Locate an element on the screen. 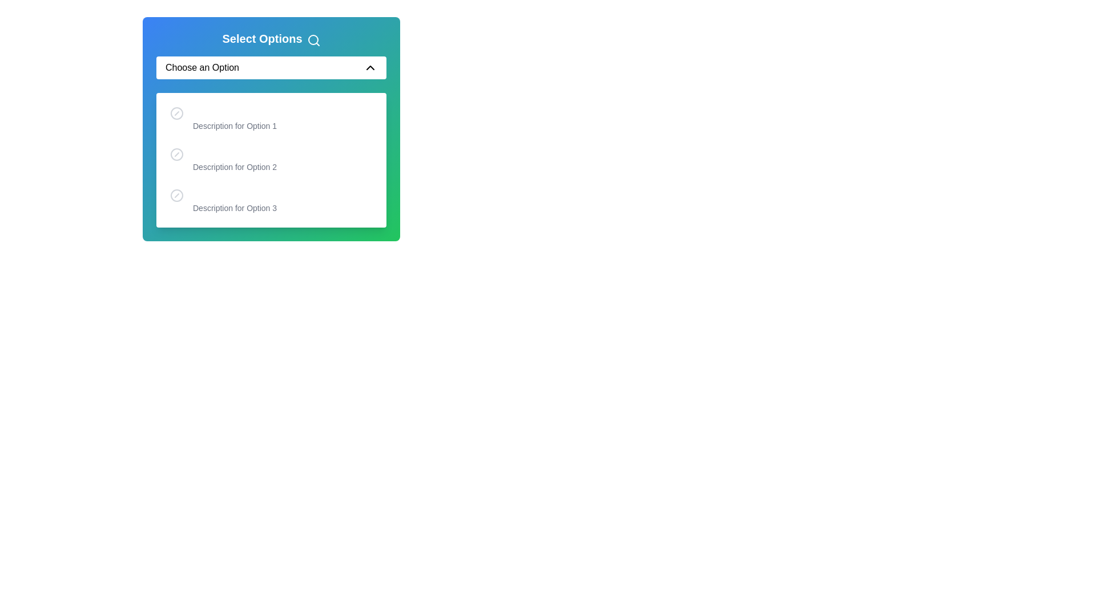 The image size is (1096, 616). the first selectable option in the dropdown menu, which is positioned below the 'Choose an Option' dropdown and includes an icon and text is located at coordinates (271, 128).